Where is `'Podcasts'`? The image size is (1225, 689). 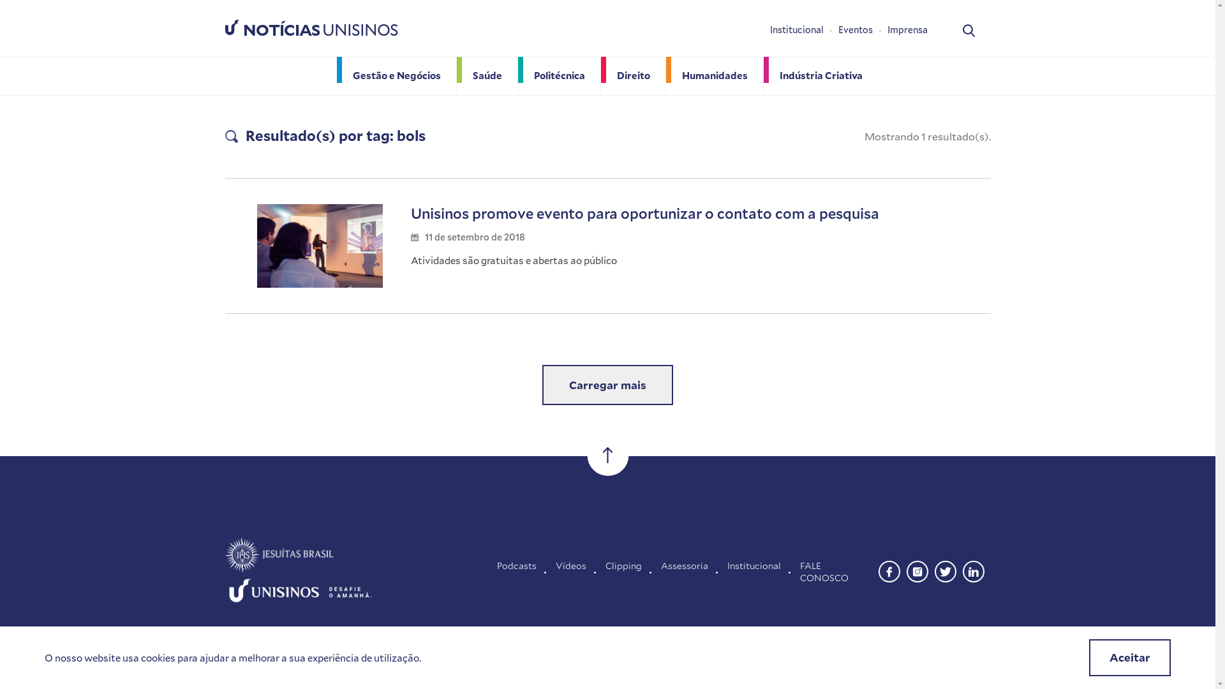 'Podcasts' is located at coordinates (517, 571).